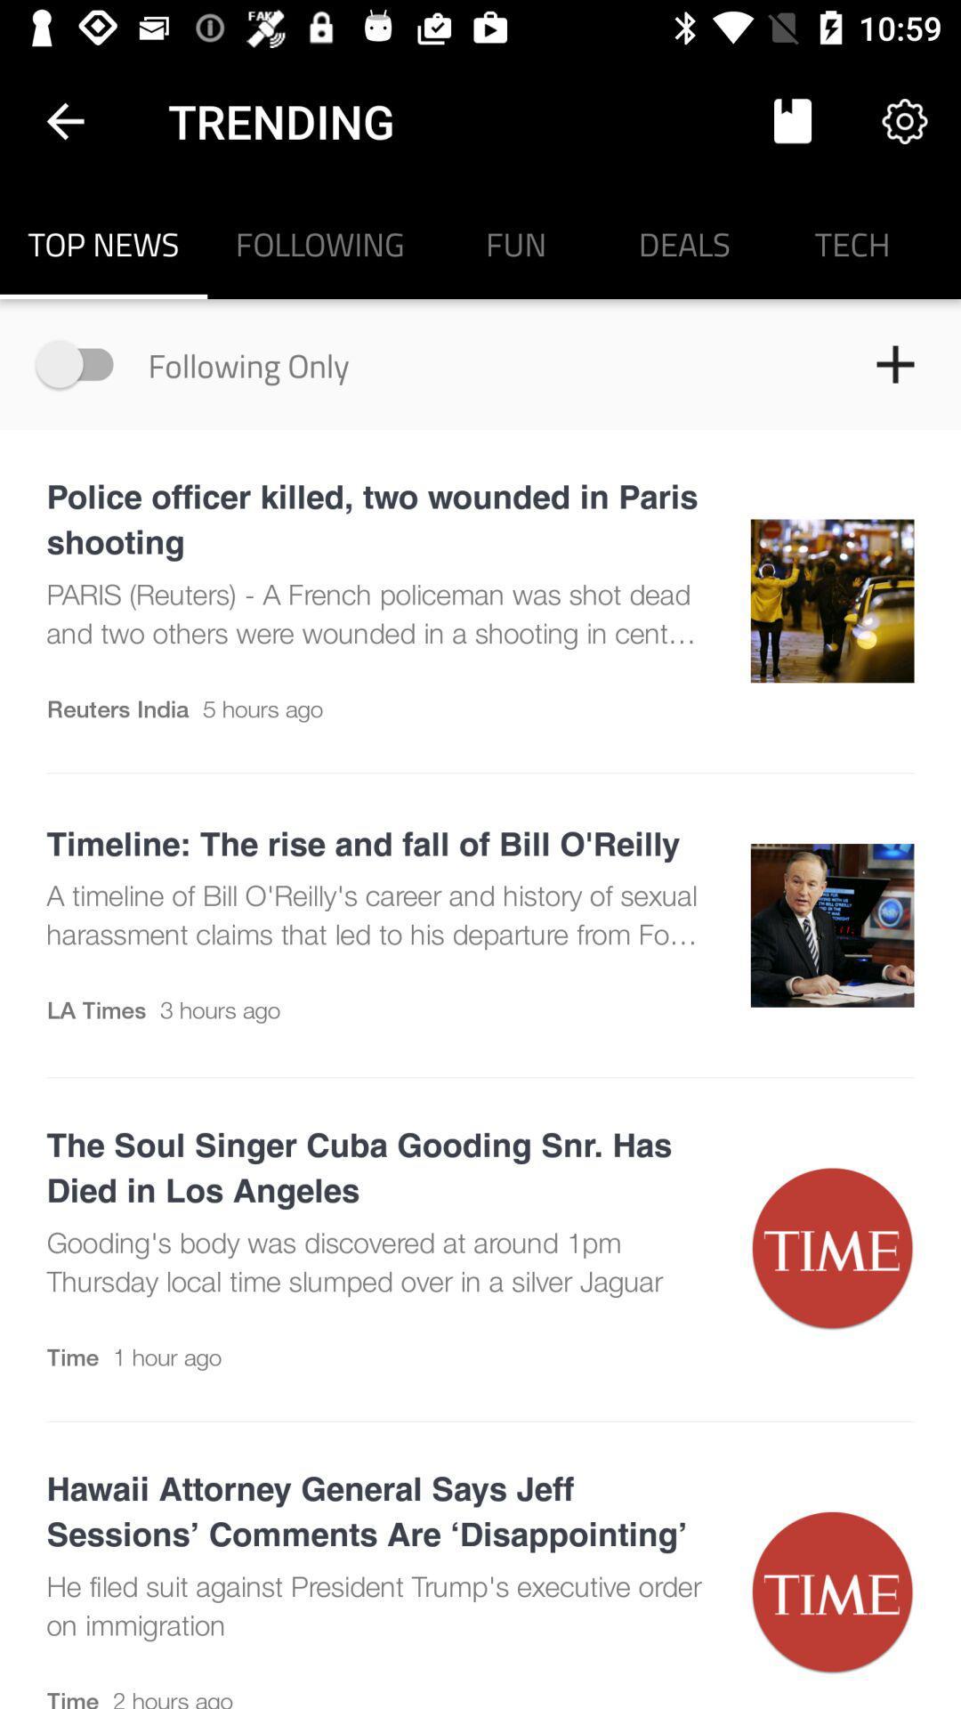 The height and width of the screenshot is (1709, 961). What do you see at coordinates (83, 363) in the screenshot?
I see `following only option` at bounding box center [83, 363].